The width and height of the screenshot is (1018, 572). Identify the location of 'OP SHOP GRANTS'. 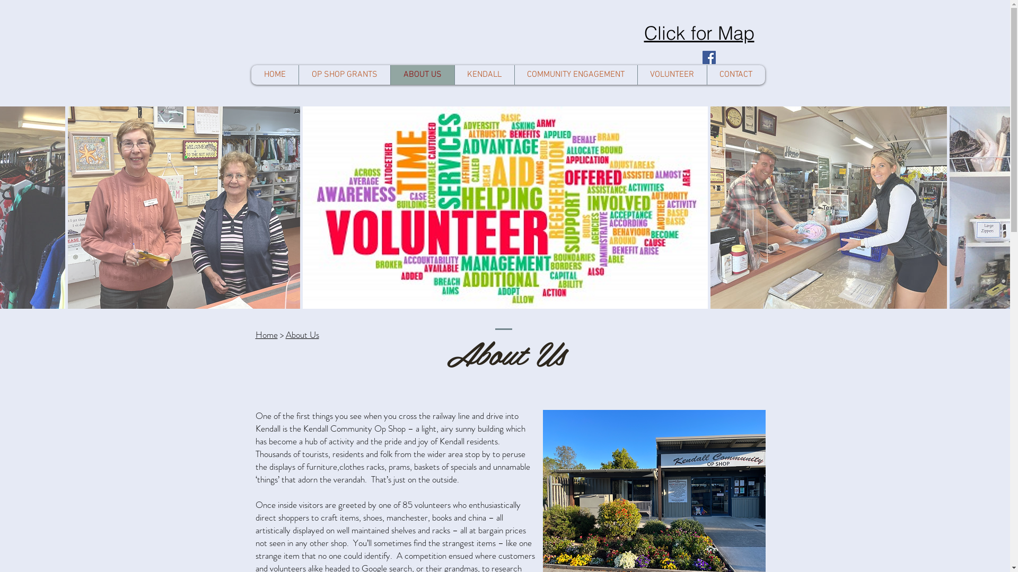
(297, 74).